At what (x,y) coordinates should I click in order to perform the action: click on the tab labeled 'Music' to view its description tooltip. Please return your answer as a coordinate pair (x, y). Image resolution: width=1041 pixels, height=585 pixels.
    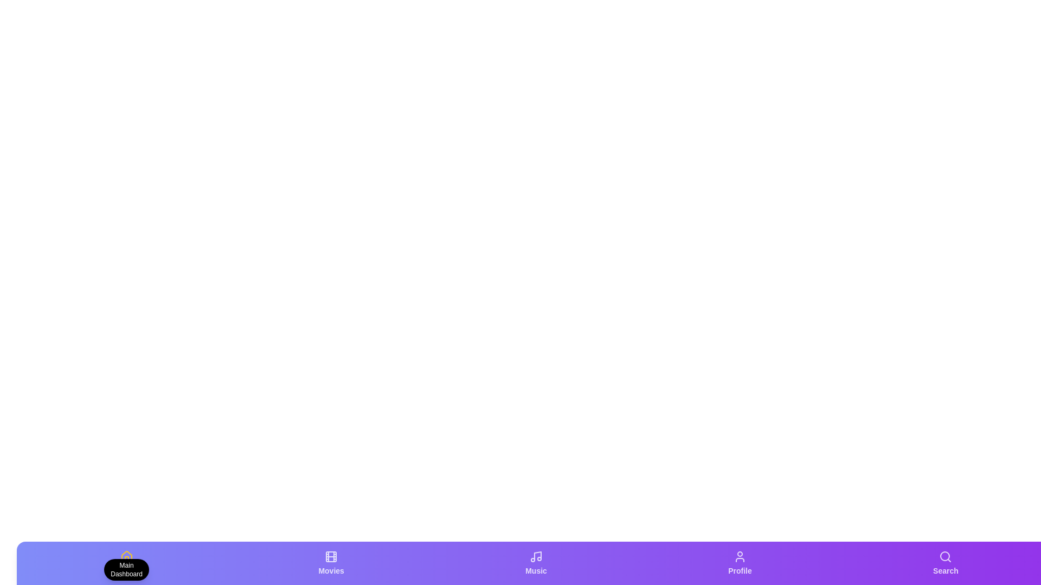
    Looking at the image, I should click on (536, 563).